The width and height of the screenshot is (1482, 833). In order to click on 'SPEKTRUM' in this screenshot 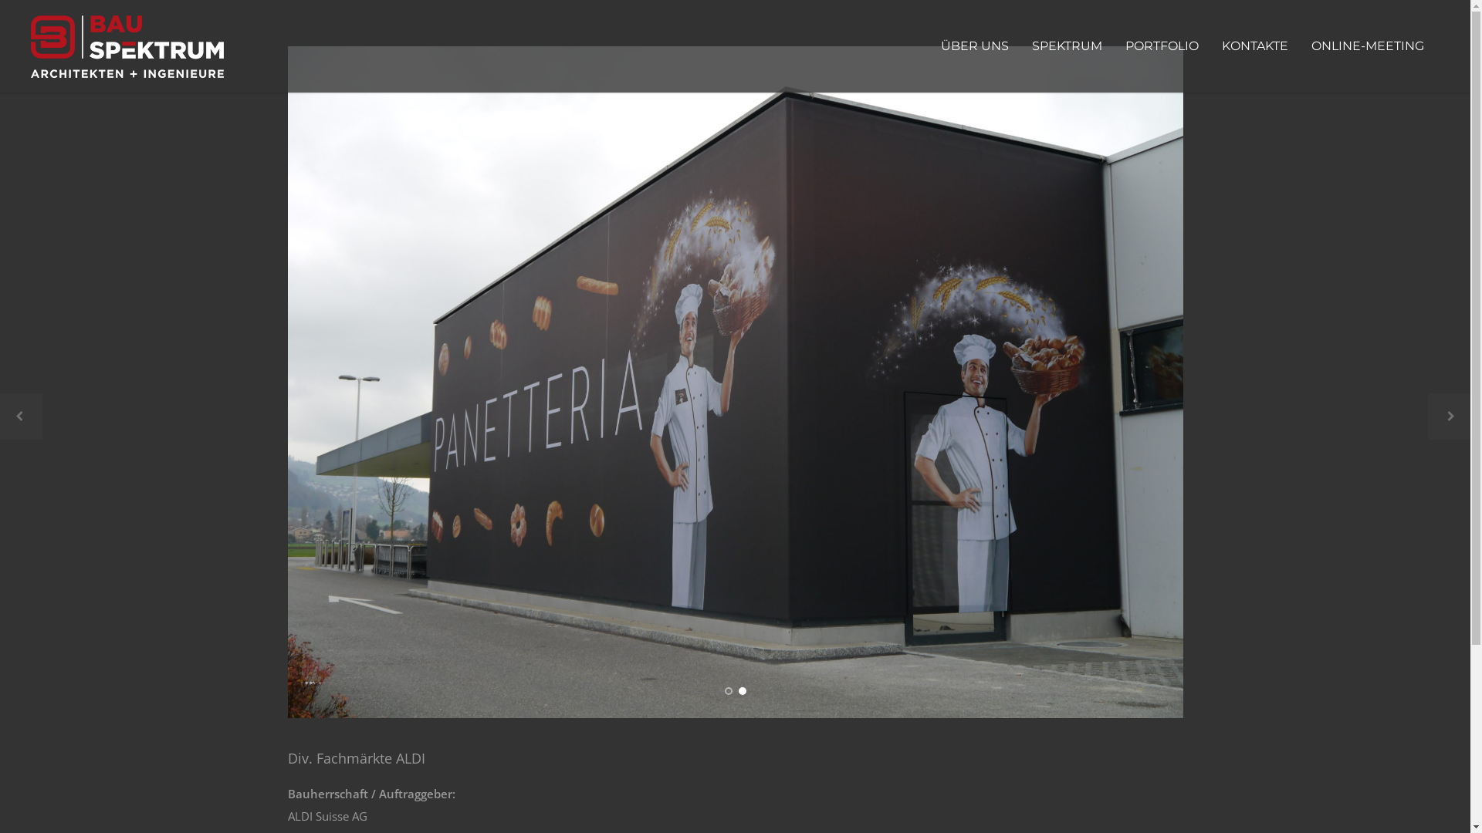, I will do `click(1020, 45)`.